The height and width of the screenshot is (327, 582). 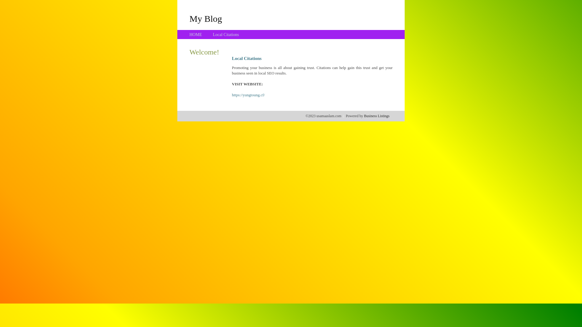 I want to click on 'HOME', so click(x=196, y=35).